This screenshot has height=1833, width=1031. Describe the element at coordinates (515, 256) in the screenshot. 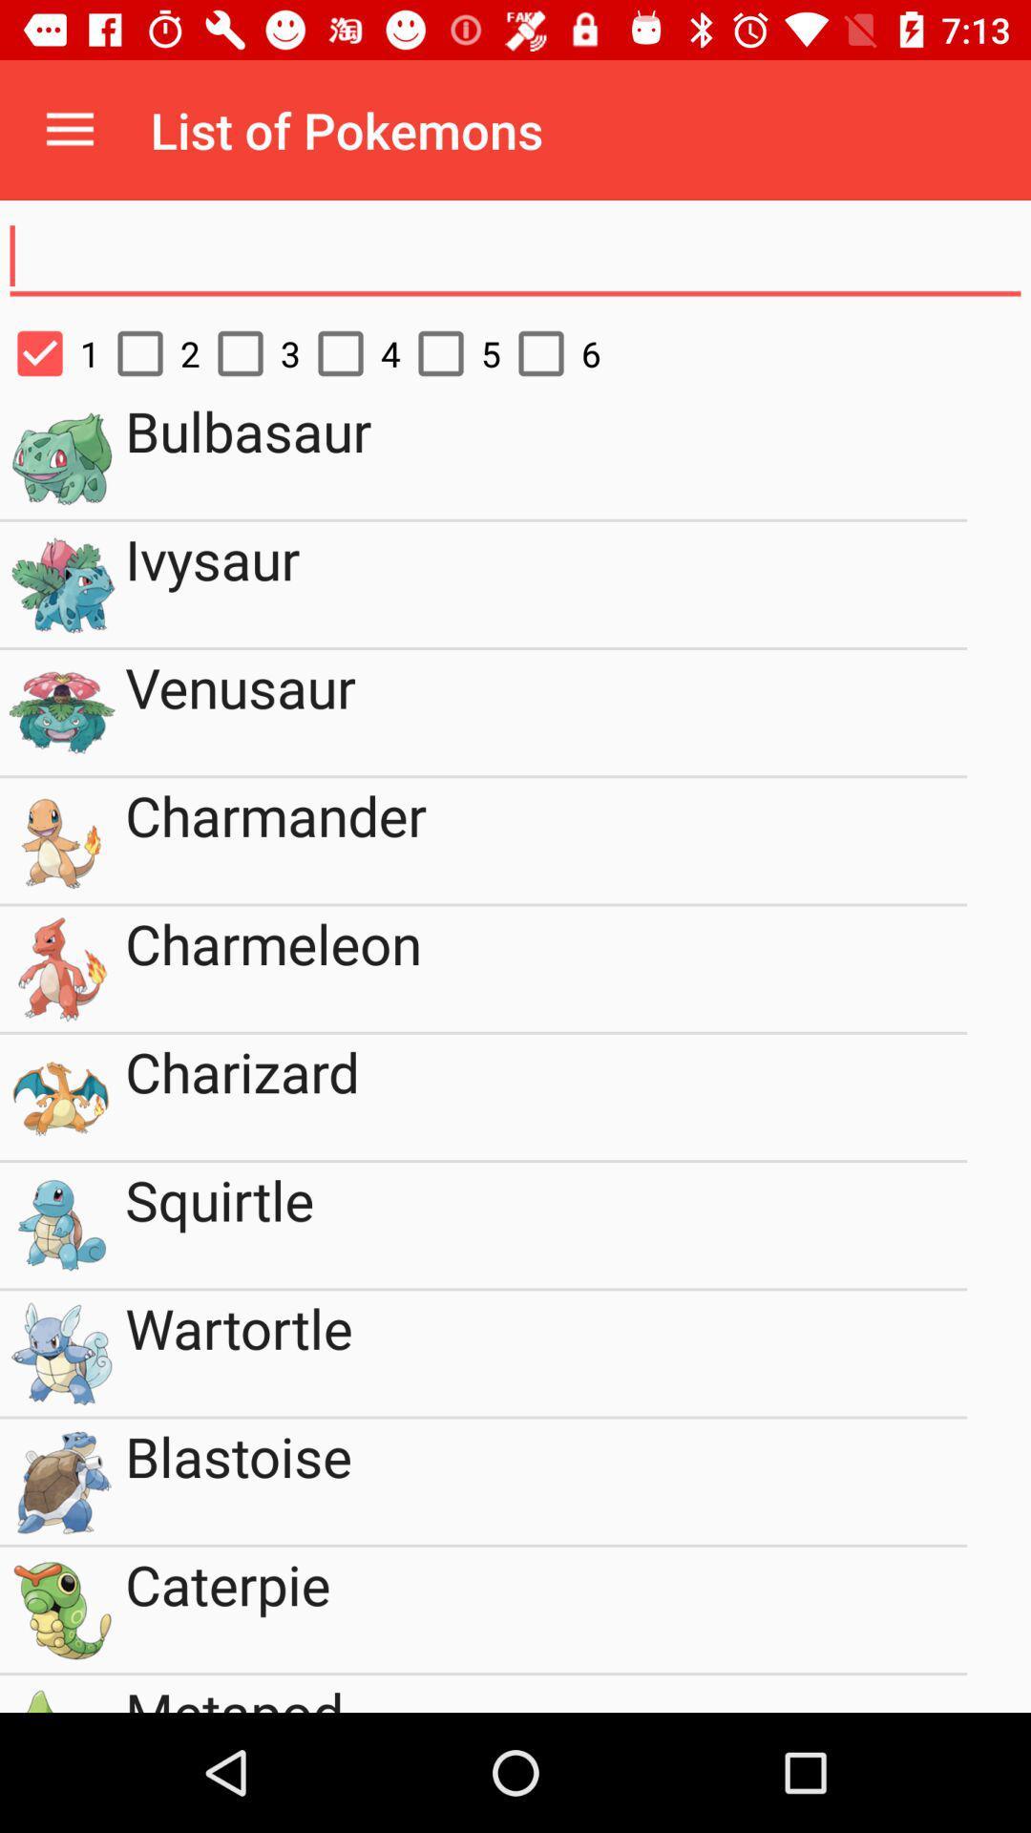

I see `type name` at that location.